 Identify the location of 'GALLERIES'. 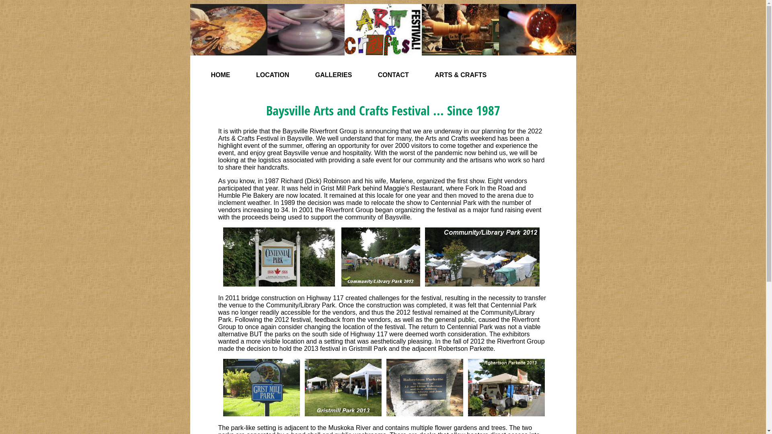
(334, 75).